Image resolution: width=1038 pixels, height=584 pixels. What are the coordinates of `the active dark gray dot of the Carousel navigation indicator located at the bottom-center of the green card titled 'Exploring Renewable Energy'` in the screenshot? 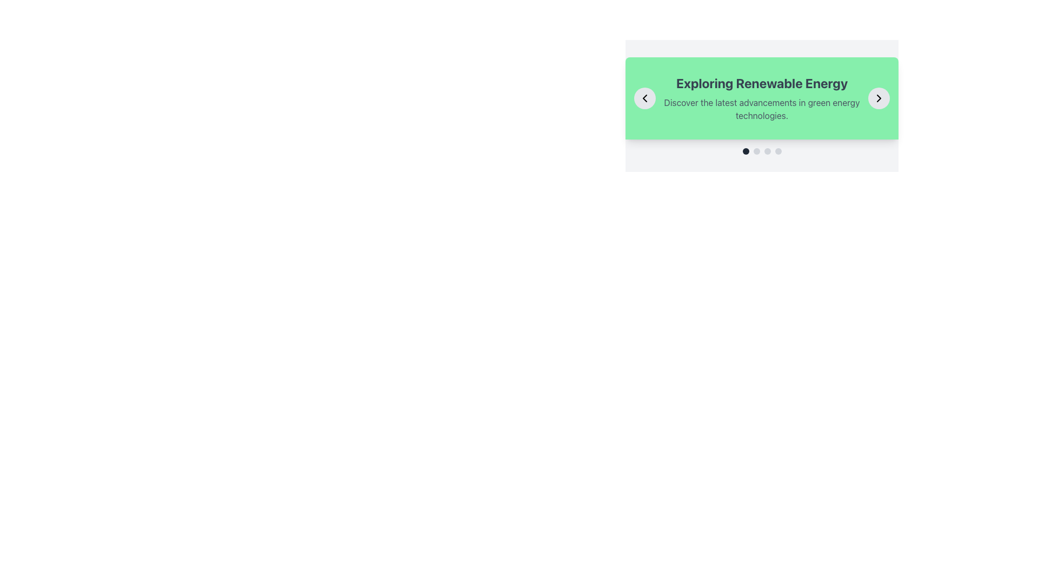 It's located at (761, 151).